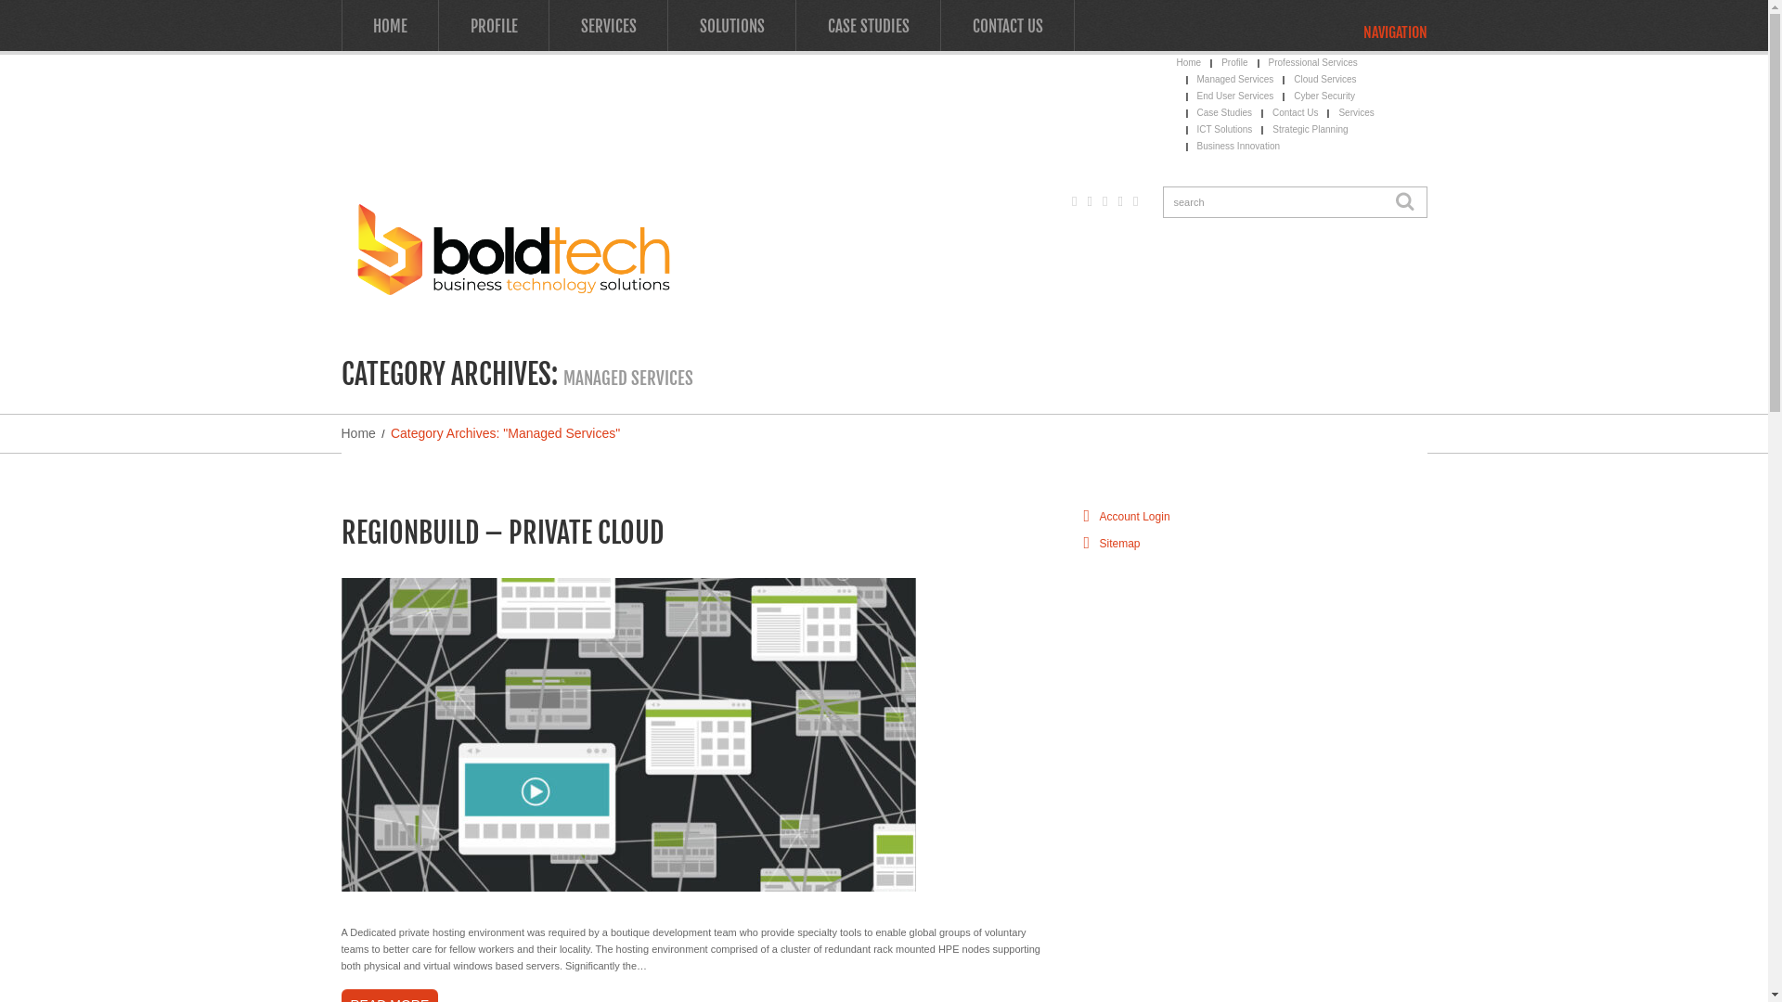 This screenshot has height=1002, width=1782. What do you see at coordinates (1403, 202) in the screenshot?
I see `'Go'` at bounding box center [1403, 202].